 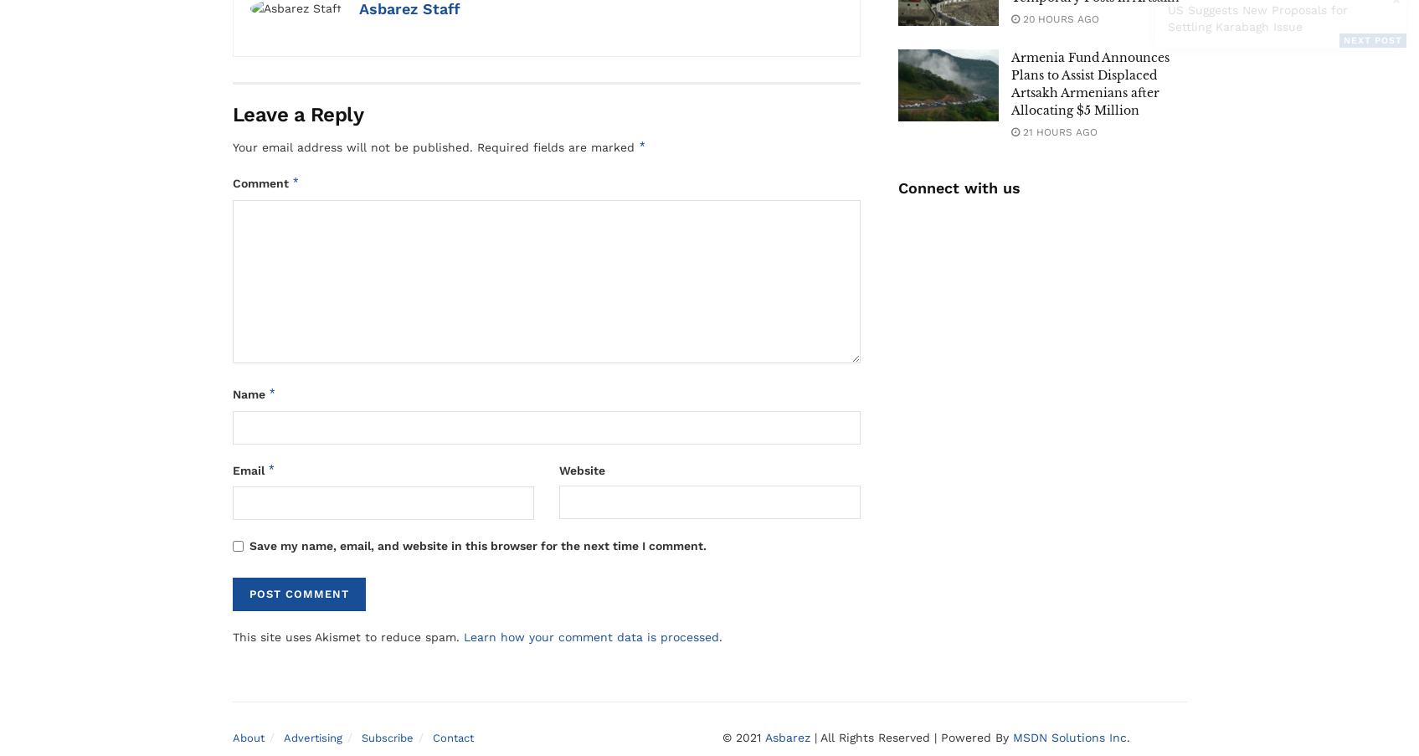 What do you see at coordinates (581, 469) in the screenshot?
I see `'Website'` at bounding box center [581, 469].